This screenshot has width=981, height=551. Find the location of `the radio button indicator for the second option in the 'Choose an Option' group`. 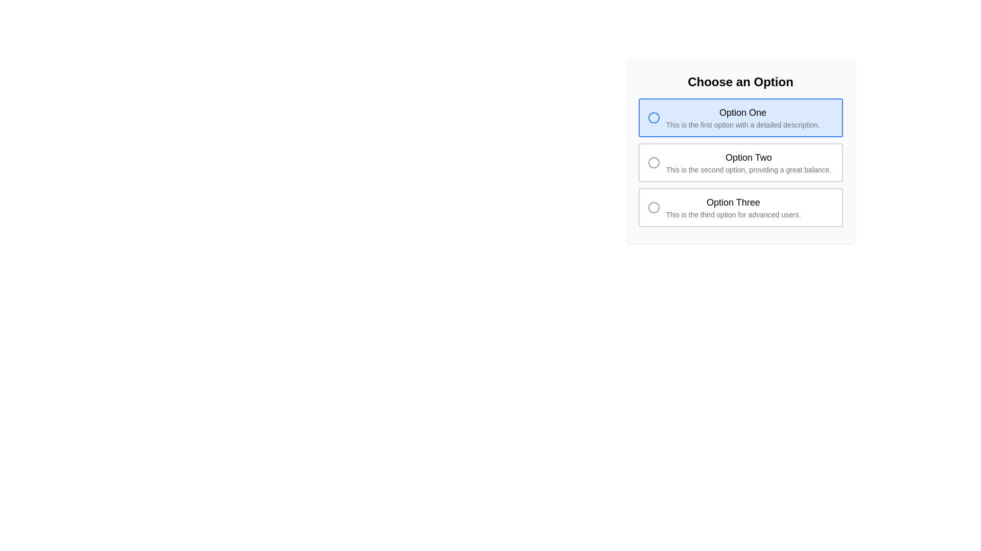

the radio button indicator for the second option in the 'Choose an Option' group is located at coordinates (653, 162).